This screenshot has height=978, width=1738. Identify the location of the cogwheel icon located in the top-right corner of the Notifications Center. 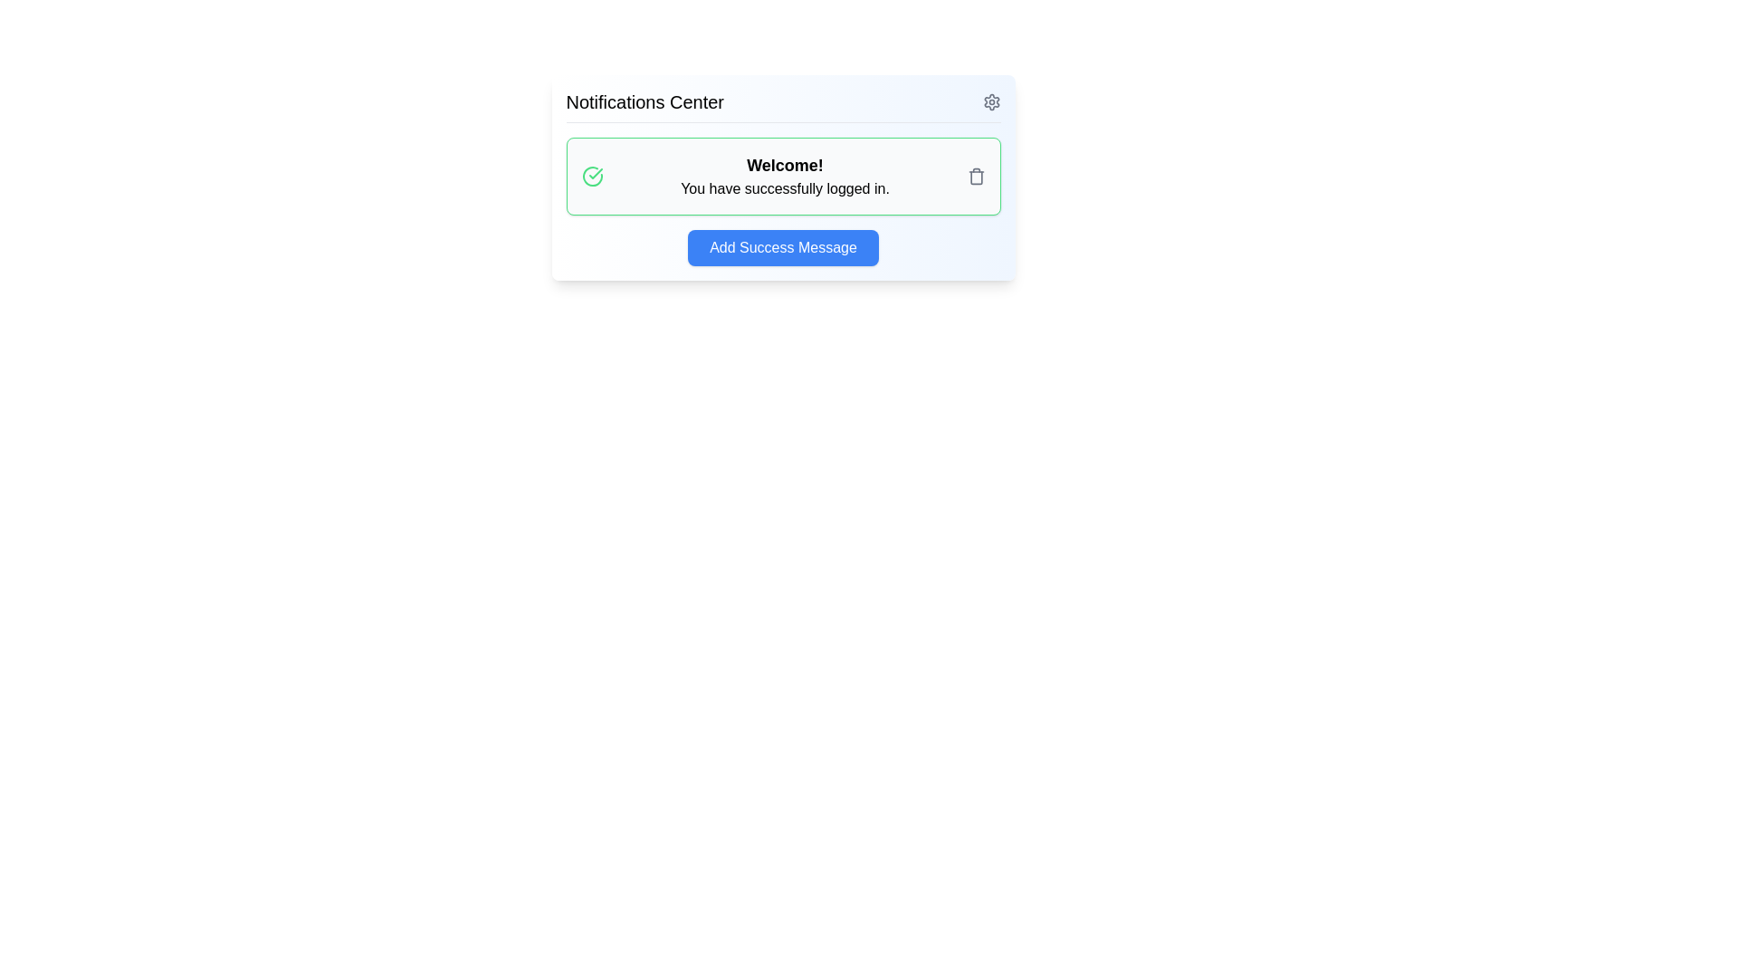
(990, 101).